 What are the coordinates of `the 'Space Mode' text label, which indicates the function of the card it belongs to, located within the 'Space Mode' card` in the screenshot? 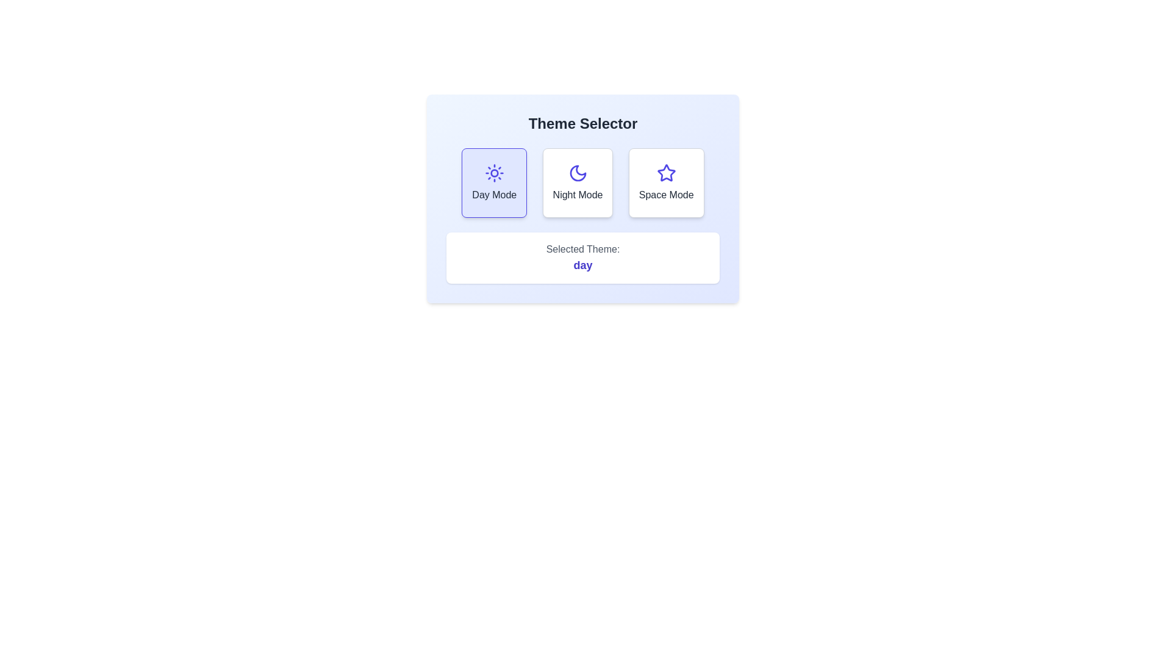 It's located at (665, 195).